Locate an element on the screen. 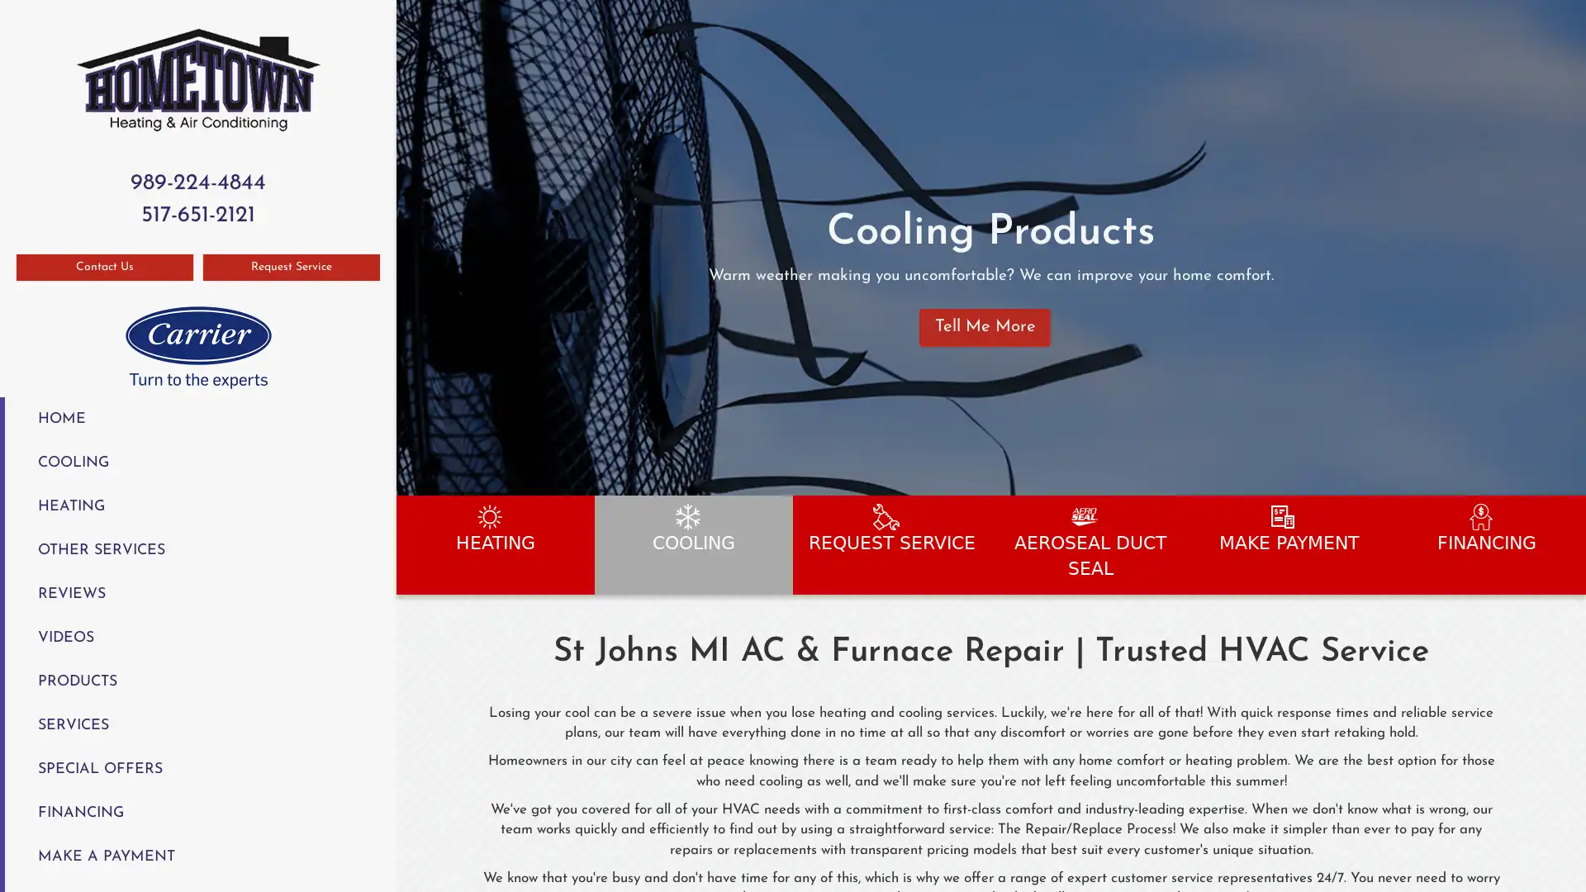 This screenshot has width=1586, height=892. Next is located at coordinates (1566, 247).